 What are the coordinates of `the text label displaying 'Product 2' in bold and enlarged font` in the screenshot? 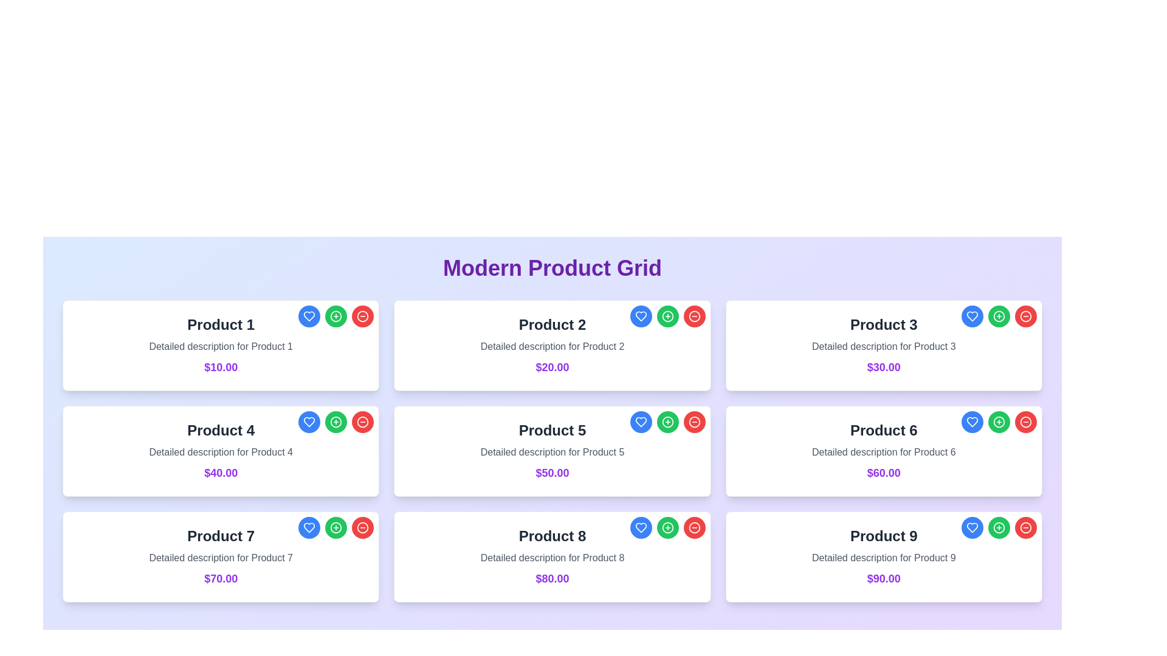 It's located at (551, 324).